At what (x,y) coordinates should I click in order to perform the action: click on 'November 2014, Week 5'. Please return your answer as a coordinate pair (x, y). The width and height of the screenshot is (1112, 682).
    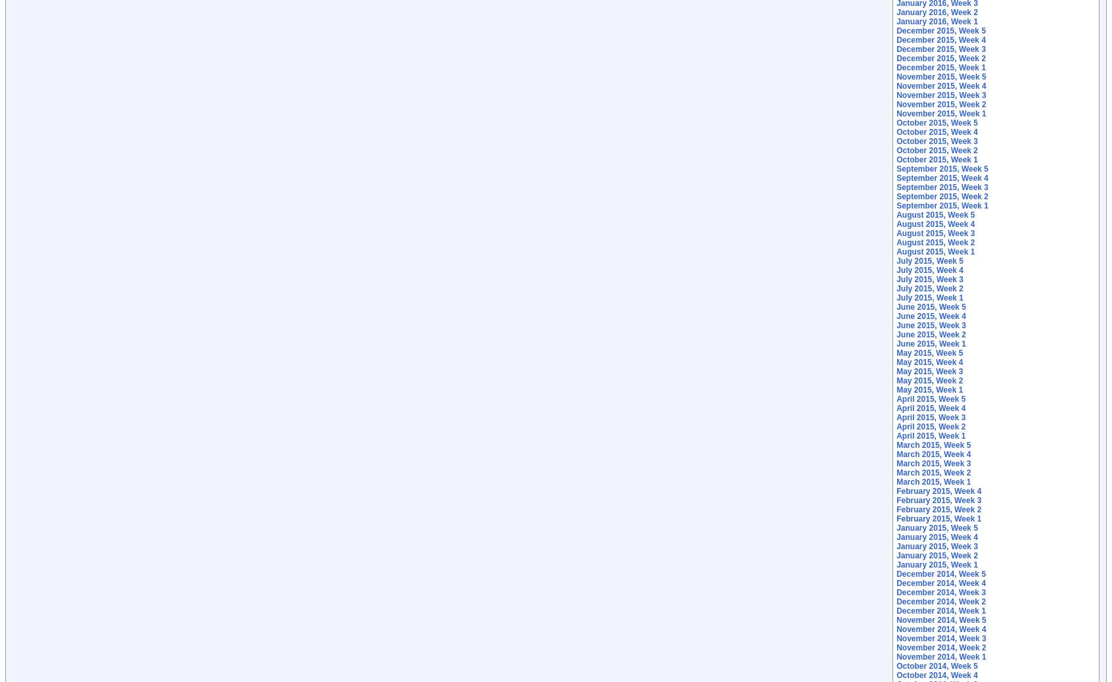
    Looking at the image, I should click on (940, 620).